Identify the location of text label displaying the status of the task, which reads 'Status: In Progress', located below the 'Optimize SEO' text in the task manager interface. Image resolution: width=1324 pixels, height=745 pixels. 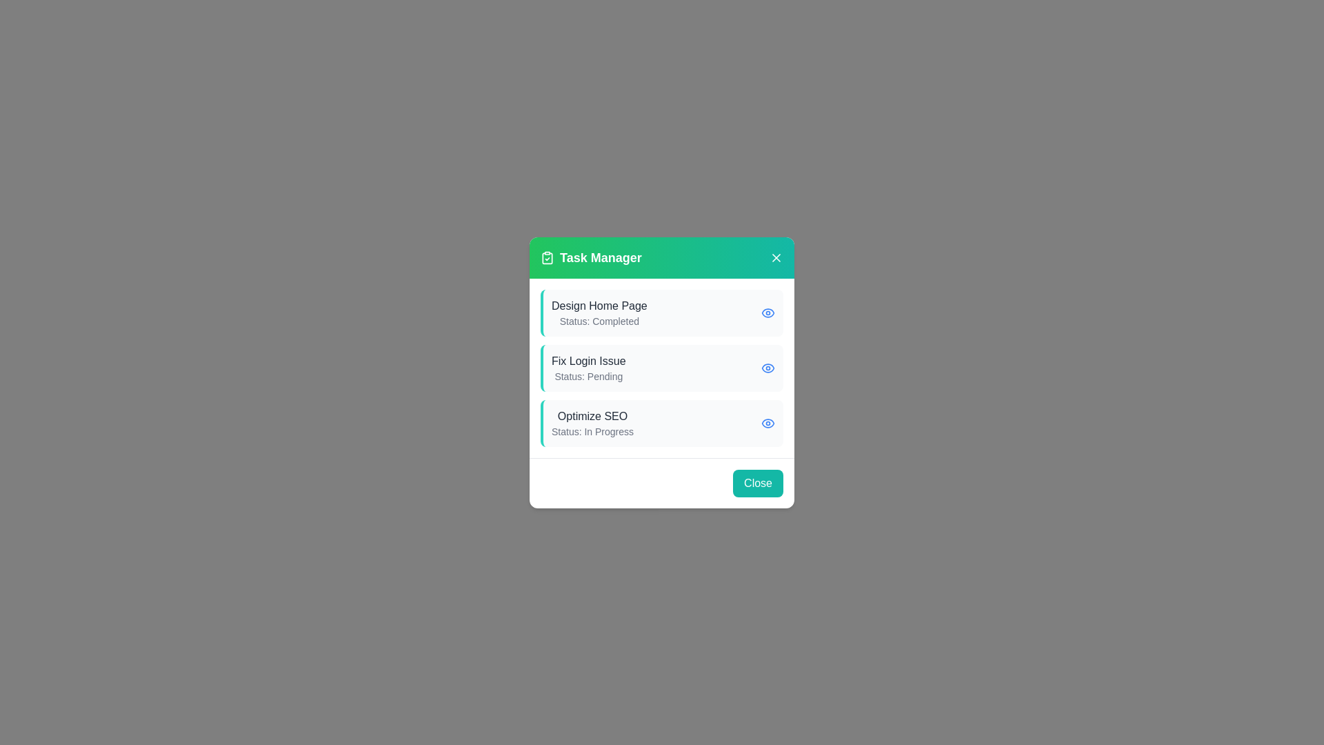
(592, 430).